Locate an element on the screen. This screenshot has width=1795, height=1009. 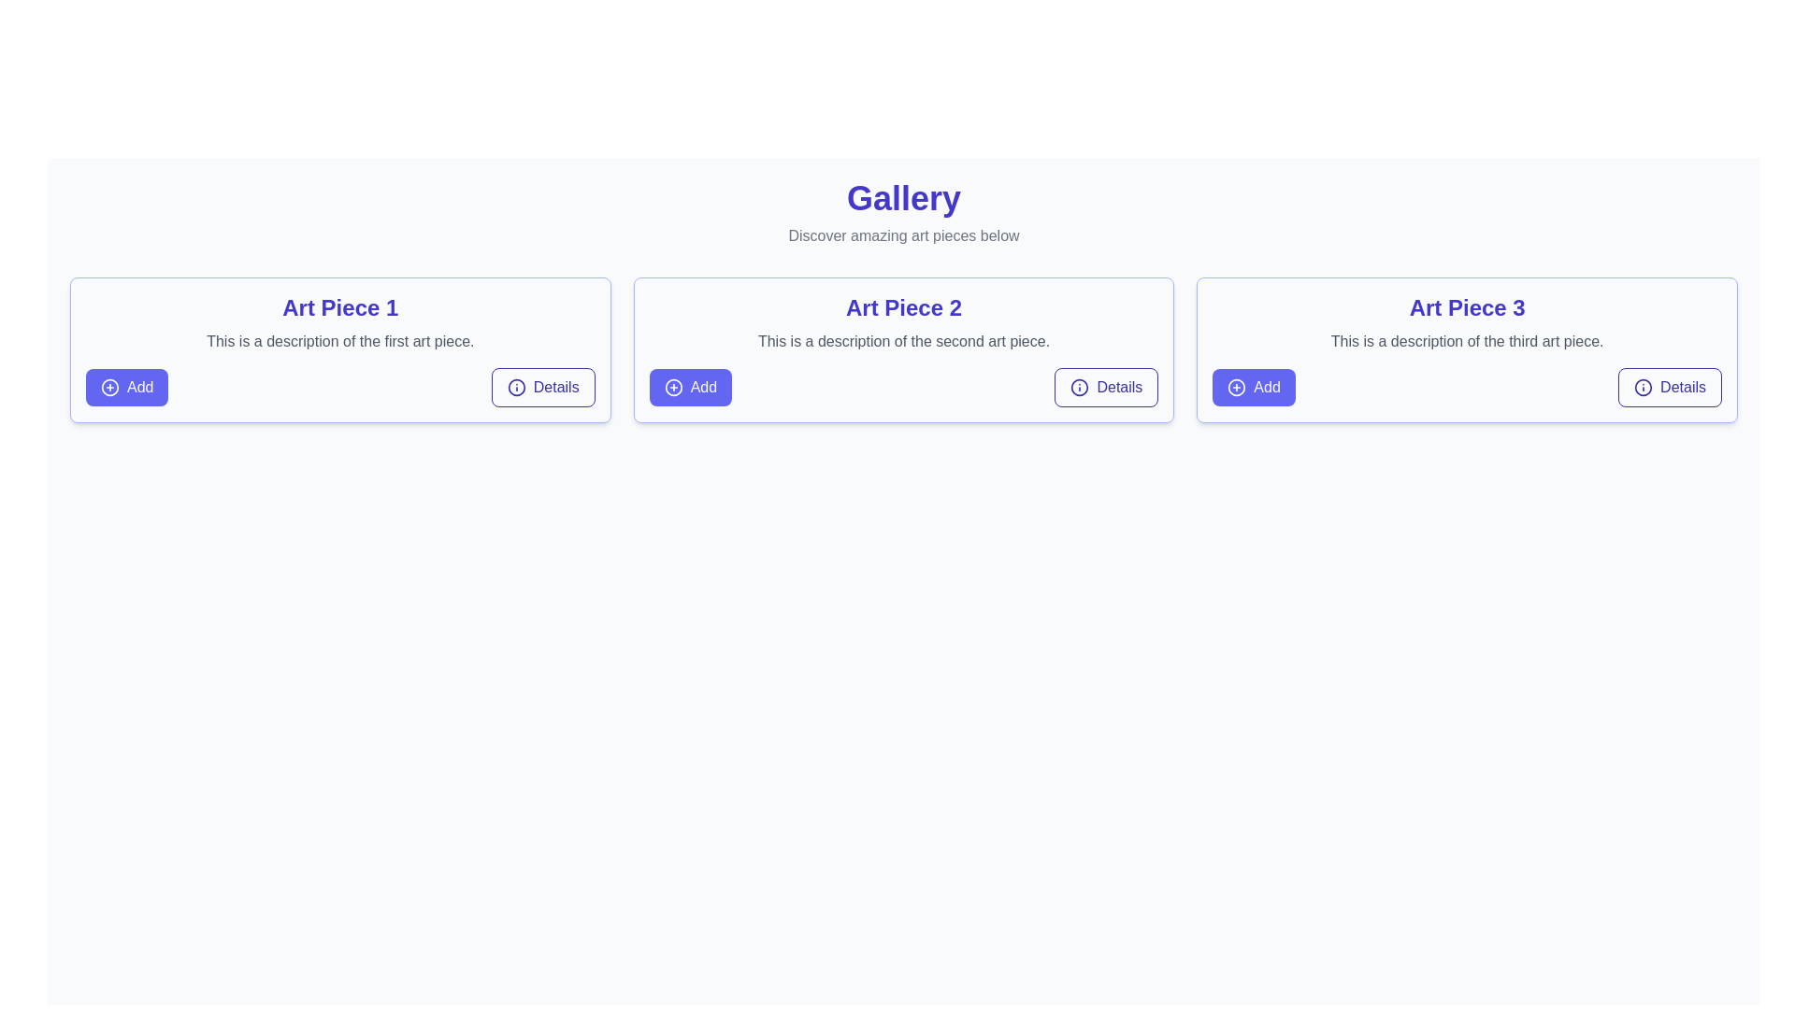
the circular SVG icon within the 'Add' button in the right-most card of the three horizontally aligned cards on the page is located at coordinates (1237, 387).